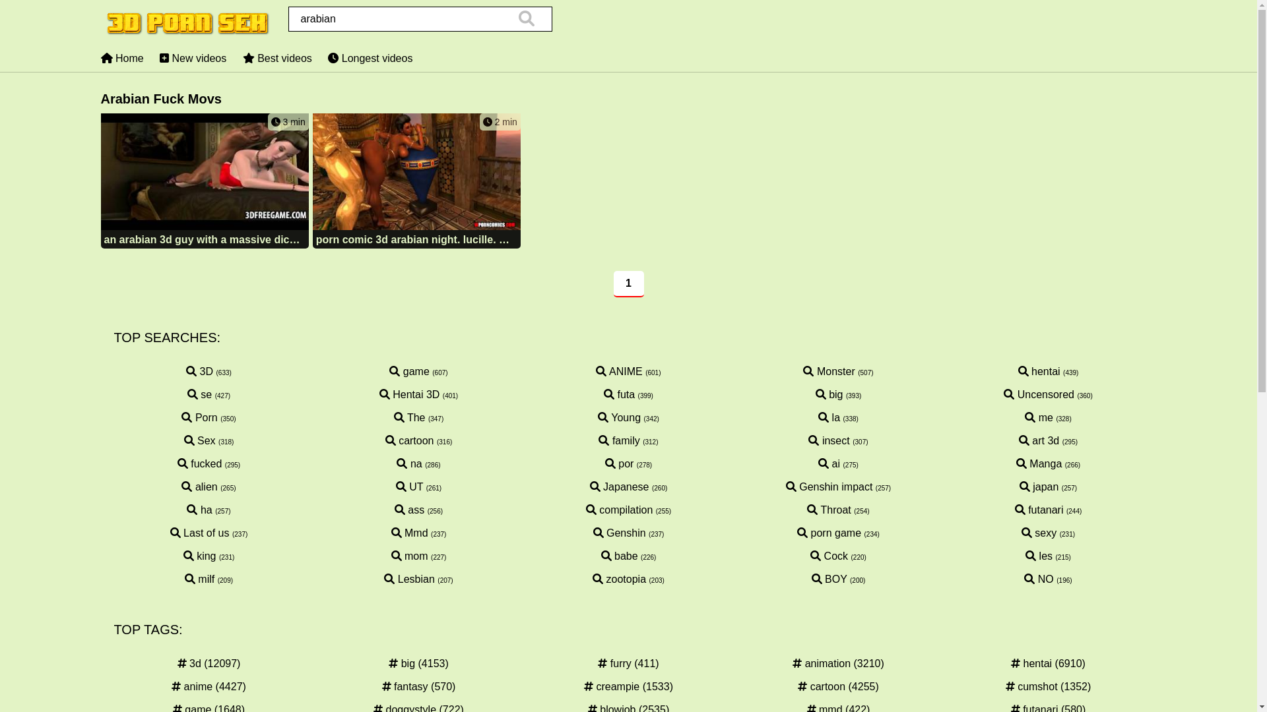 The image size is (1267, 712). What do you see at coordinates (192, 57) in the screenshot?
I see `'New videos'` at bounding box center [192, 57].